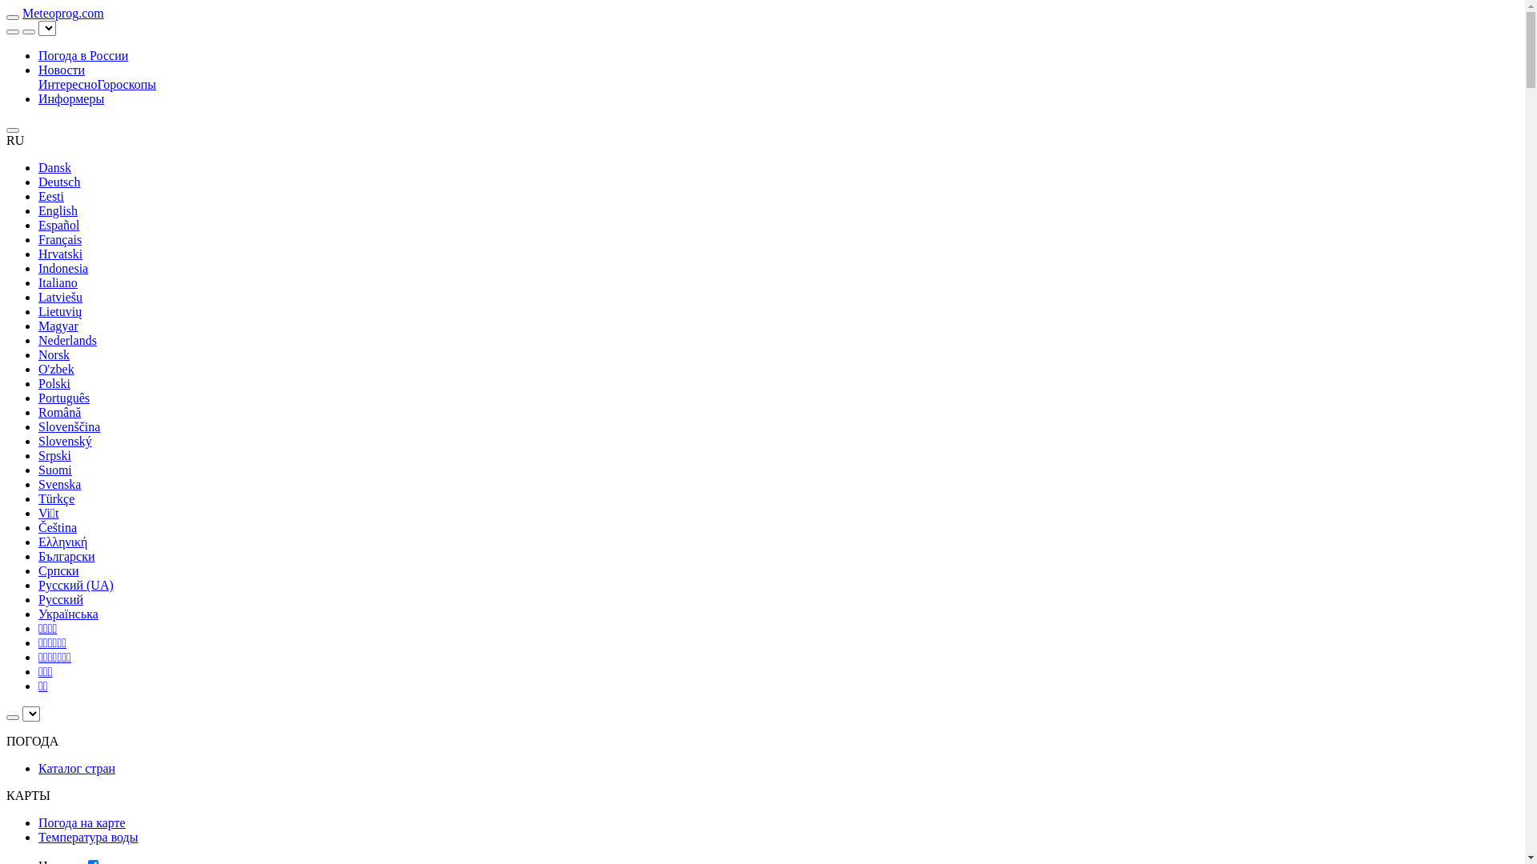 This screenshot has height=864, width=1537. Describe the element at coordinates (62, 13) in the screenshot. I see `'Meteoprog.com'` at that location.